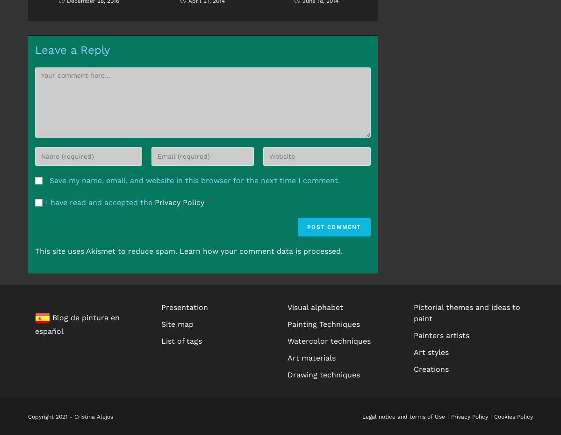 Image resolution: width=561 pixels, height=435 pixels. Describe the element at coordinates (46, 202) in the screenshot. I see `'I have read and accepted the'` at that location.